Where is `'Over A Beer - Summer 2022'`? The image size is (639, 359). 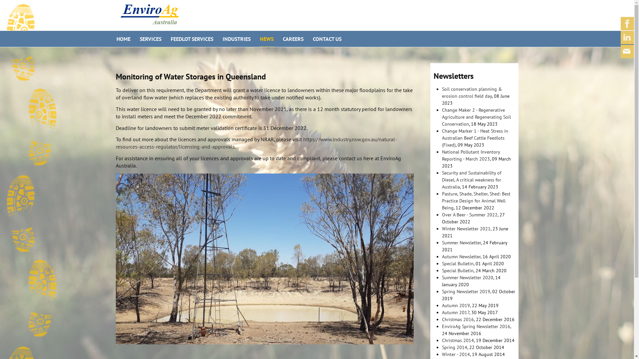 'Over A Beer - Summer 2022' is located at coordinates (469, 214).